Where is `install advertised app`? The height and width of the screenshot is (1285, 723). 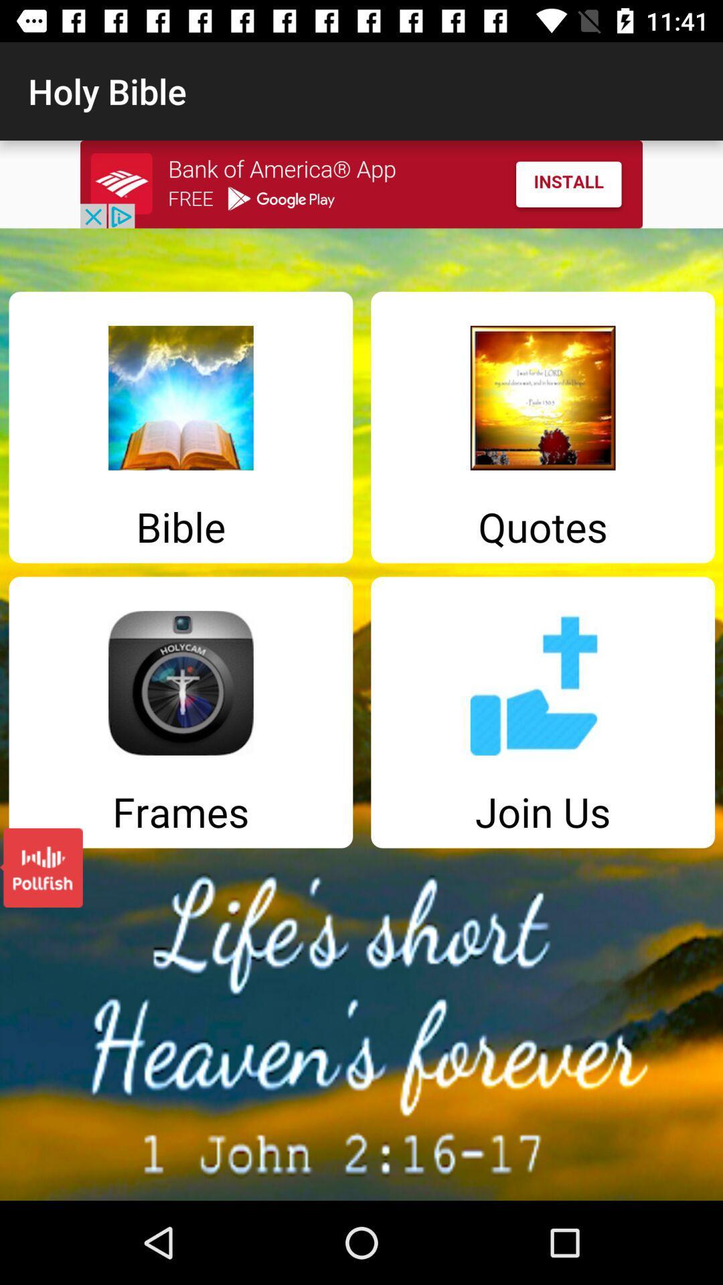
install advertised app is located at coordinates (361, 183).